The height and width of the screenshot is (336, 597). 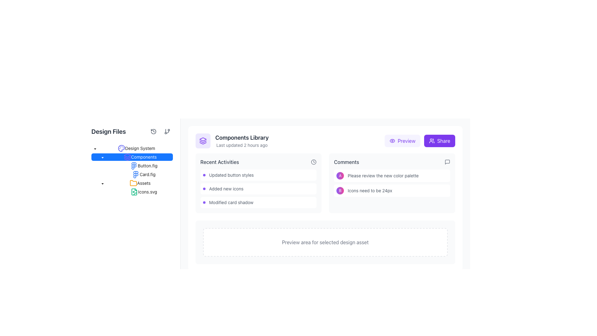 What do you see at coordinates (392, 161) in the screenshot?
I see `the Section Header with Icon that labels the comments section` at bounding box center [392, 161].